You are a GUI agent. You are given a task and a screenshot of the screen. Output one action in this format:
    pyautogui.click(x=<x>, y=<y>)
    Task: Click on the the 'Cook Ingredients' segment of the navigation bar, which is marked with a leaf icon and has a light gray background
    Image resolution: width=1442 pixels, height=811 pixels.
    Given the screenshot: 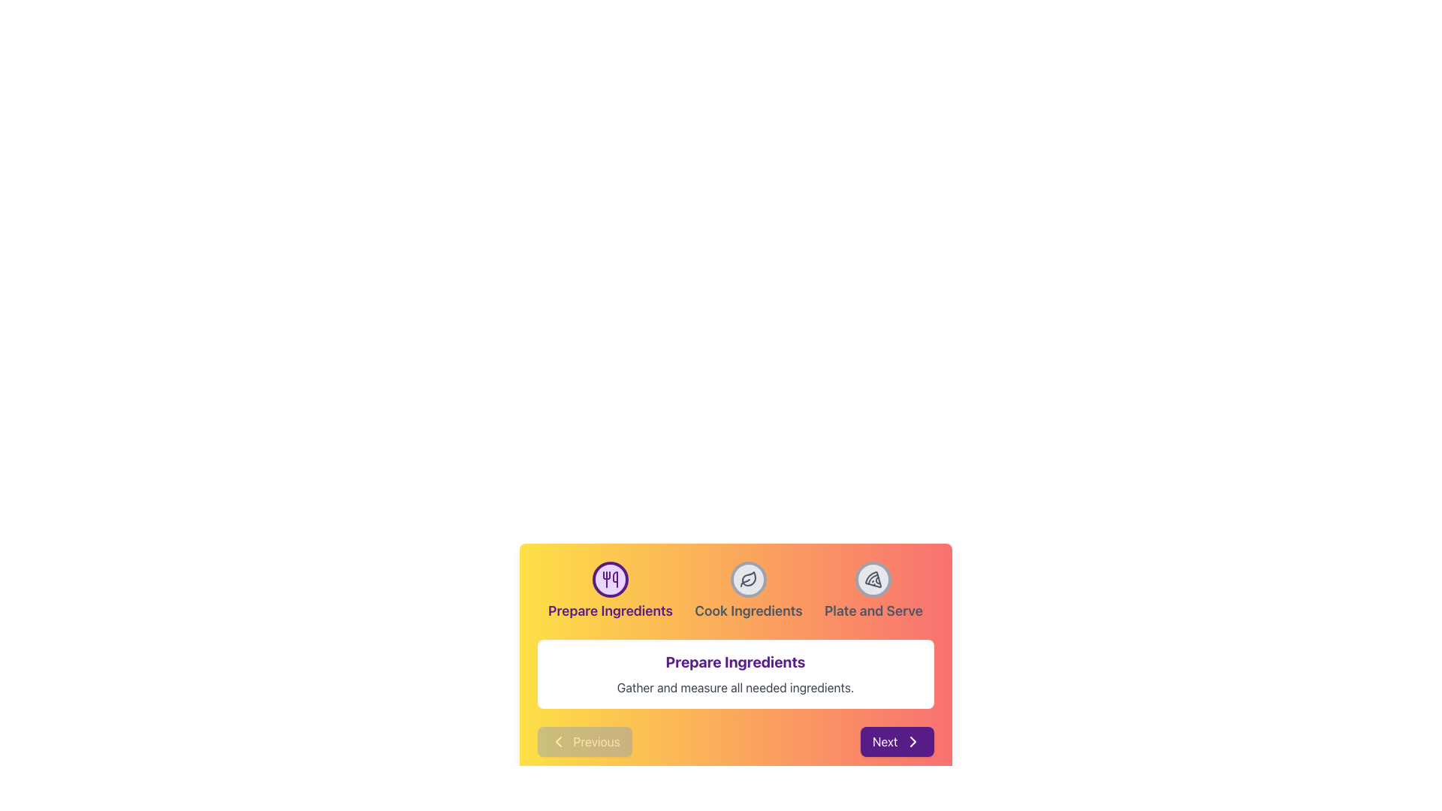 What is the action you would take?
    pyautogui.click(x=735, y=590)
    